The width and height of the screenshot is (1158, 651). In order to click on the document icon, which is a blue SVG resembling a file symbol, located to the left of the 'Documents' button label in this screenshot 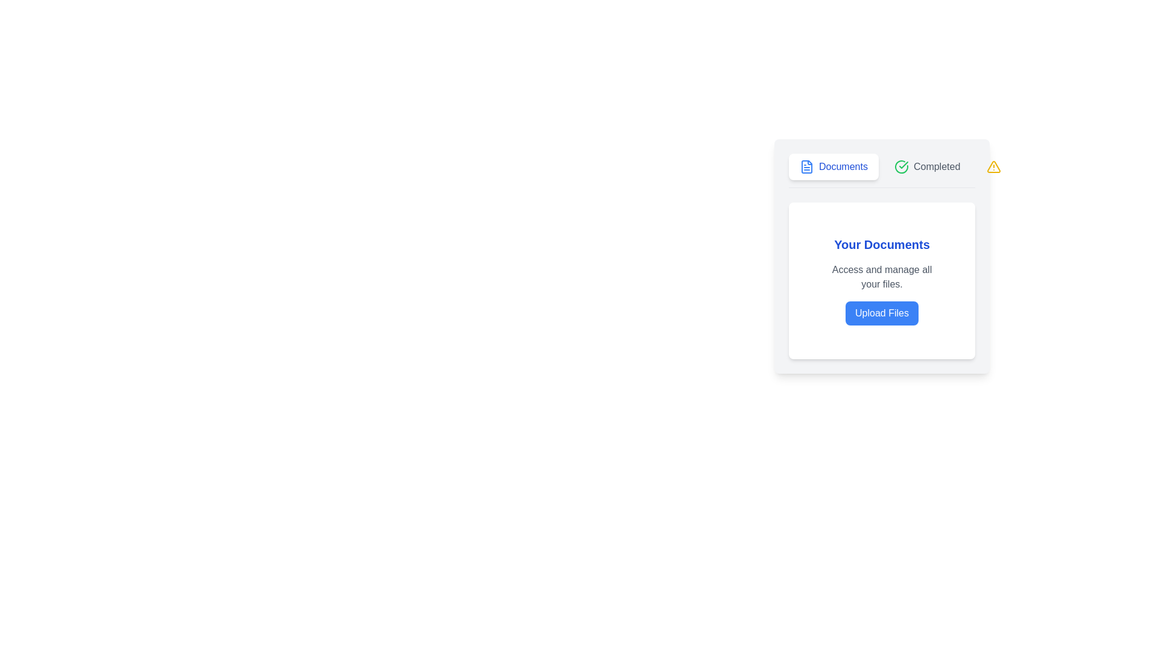, I will do `click(807, 167)`.